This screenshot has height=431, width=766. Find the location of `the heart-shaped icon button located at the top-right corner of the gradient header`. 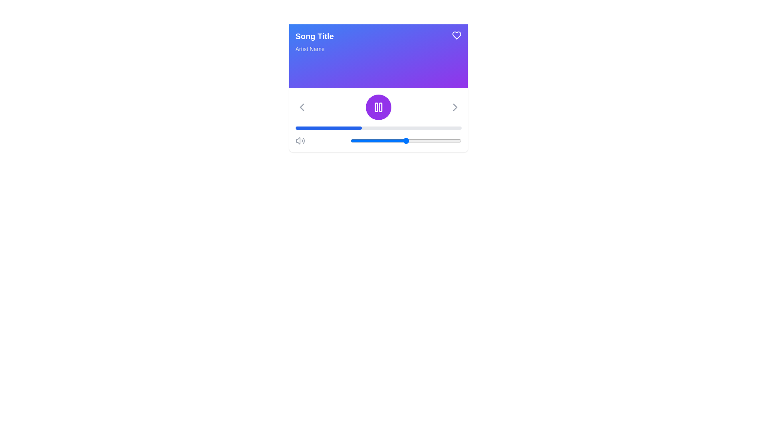

the heart-shaped icon button located at the top-right corner of the gradient header is located at coordinates (456, 35).